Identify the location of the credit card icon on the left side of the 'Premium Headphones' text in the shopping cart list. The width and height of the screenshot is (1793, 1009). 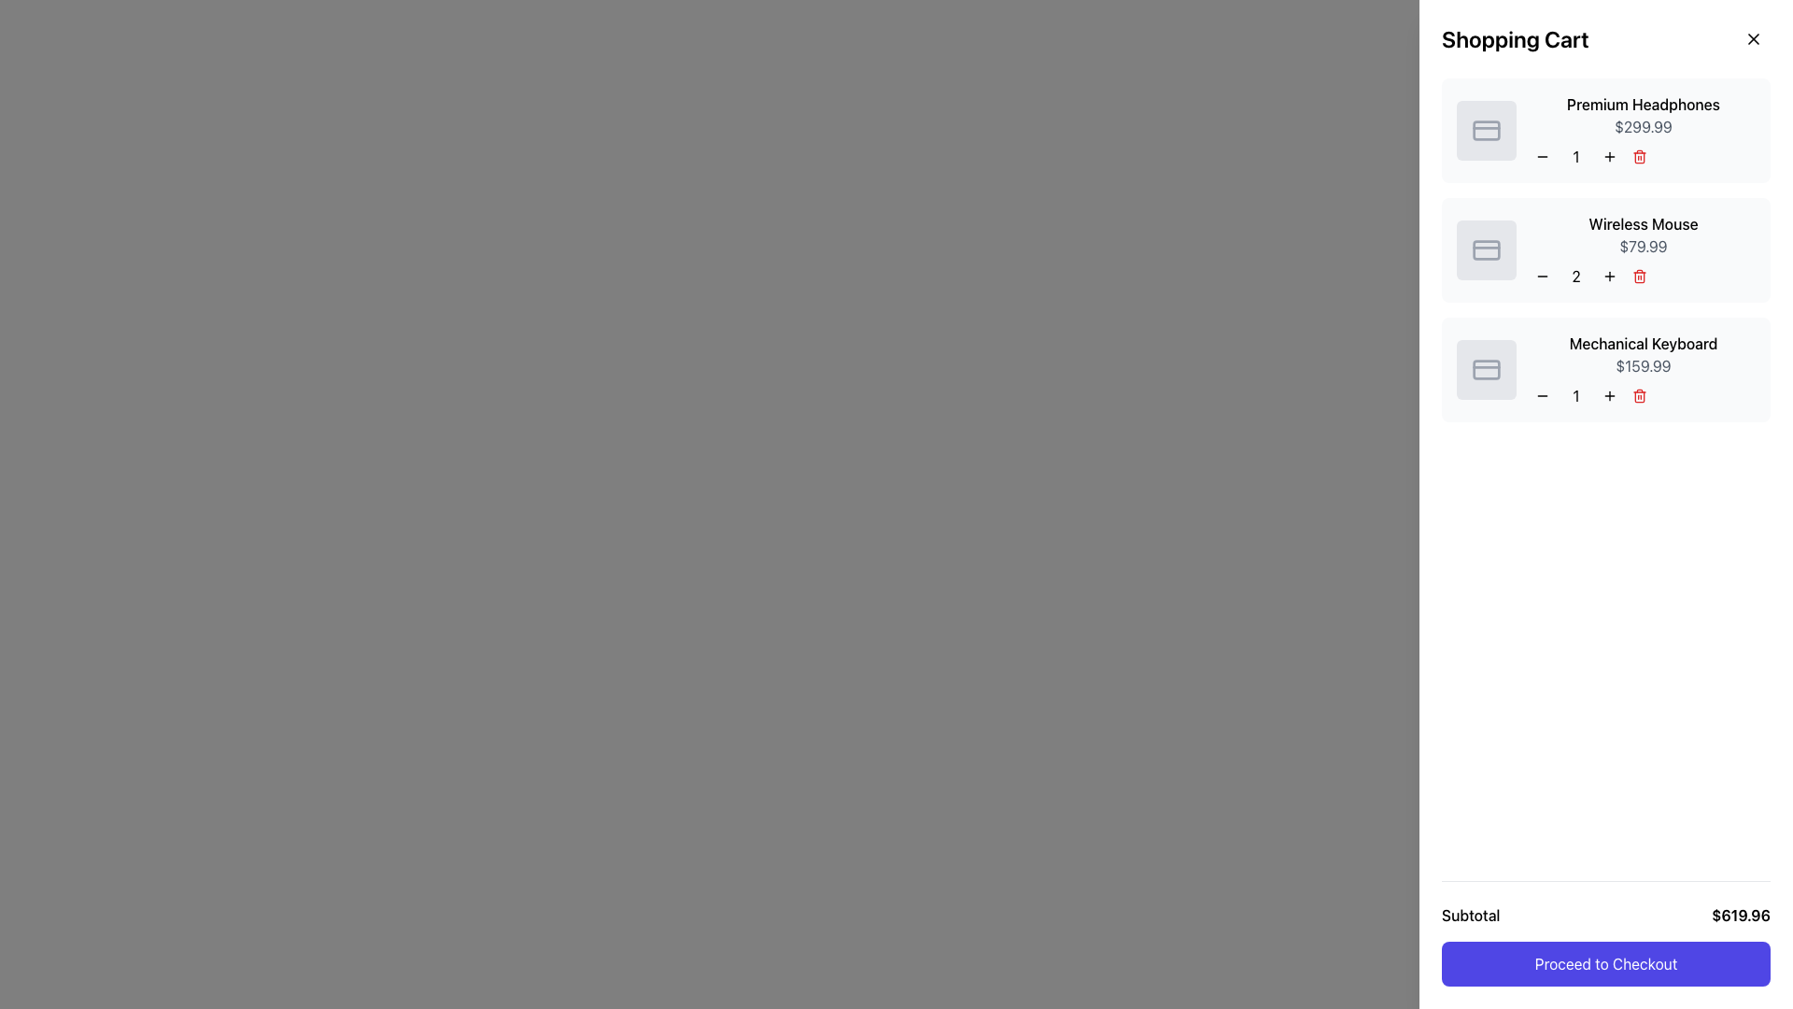
(1486, 129).